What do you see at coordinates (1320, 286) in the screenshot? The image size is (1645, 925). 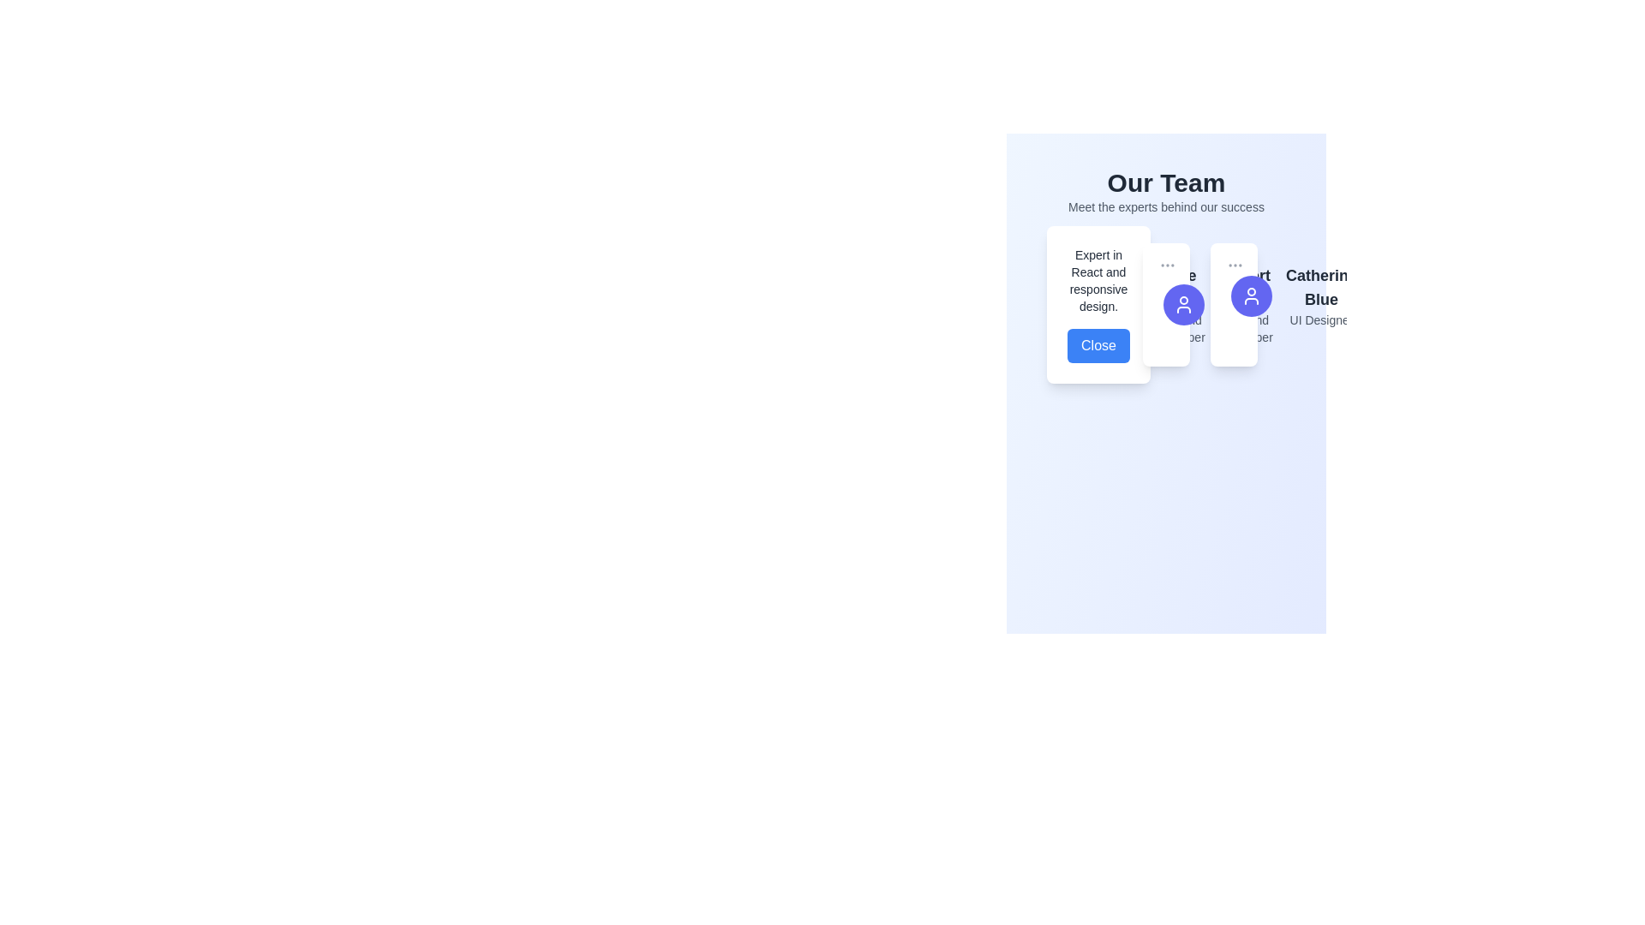 I see `the text label that displays the name of a person in the 'UI Designer' subsection, which is located near the right-center of the interface and is the top element in a vertical stack of two text elements` at bounding box center [1320, 286].